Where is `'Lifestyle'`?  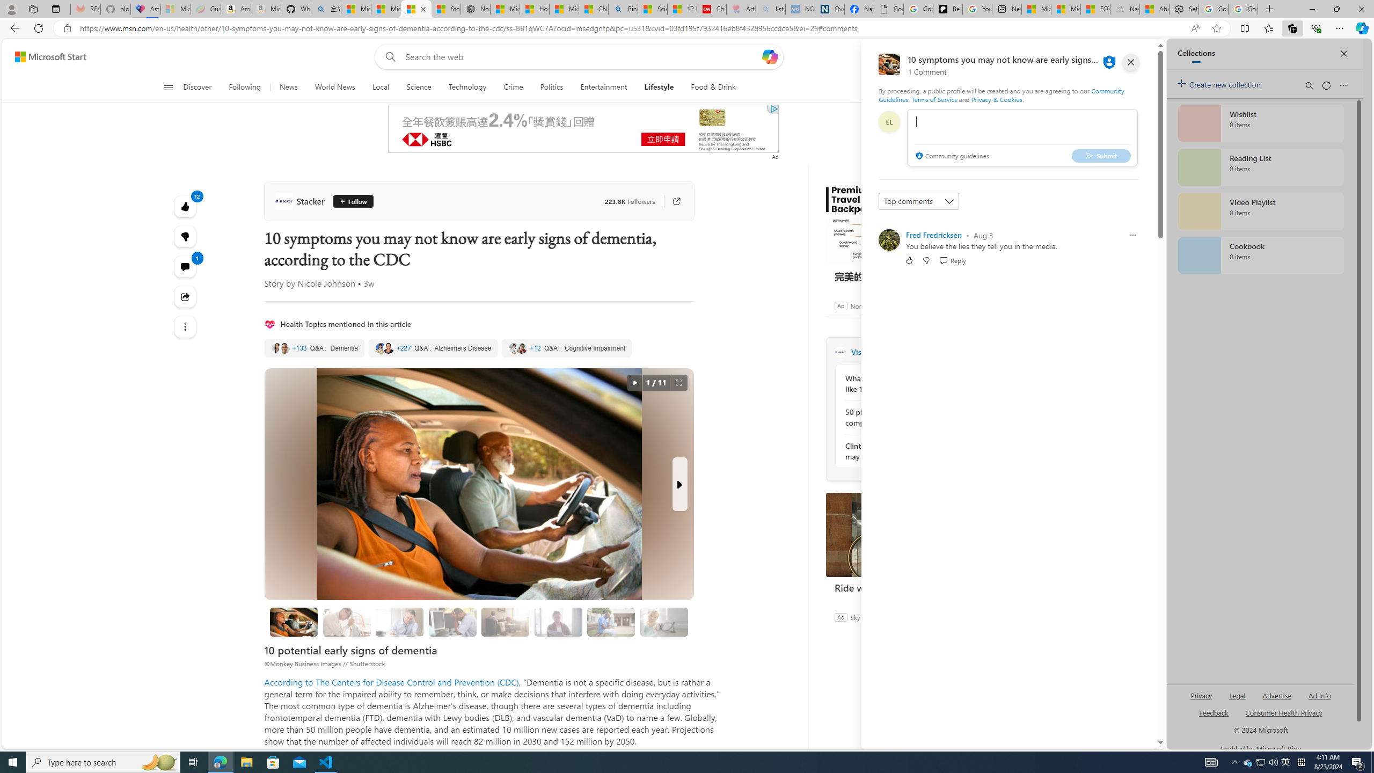
'Lifestyle' is located at coordinates (659, 87).